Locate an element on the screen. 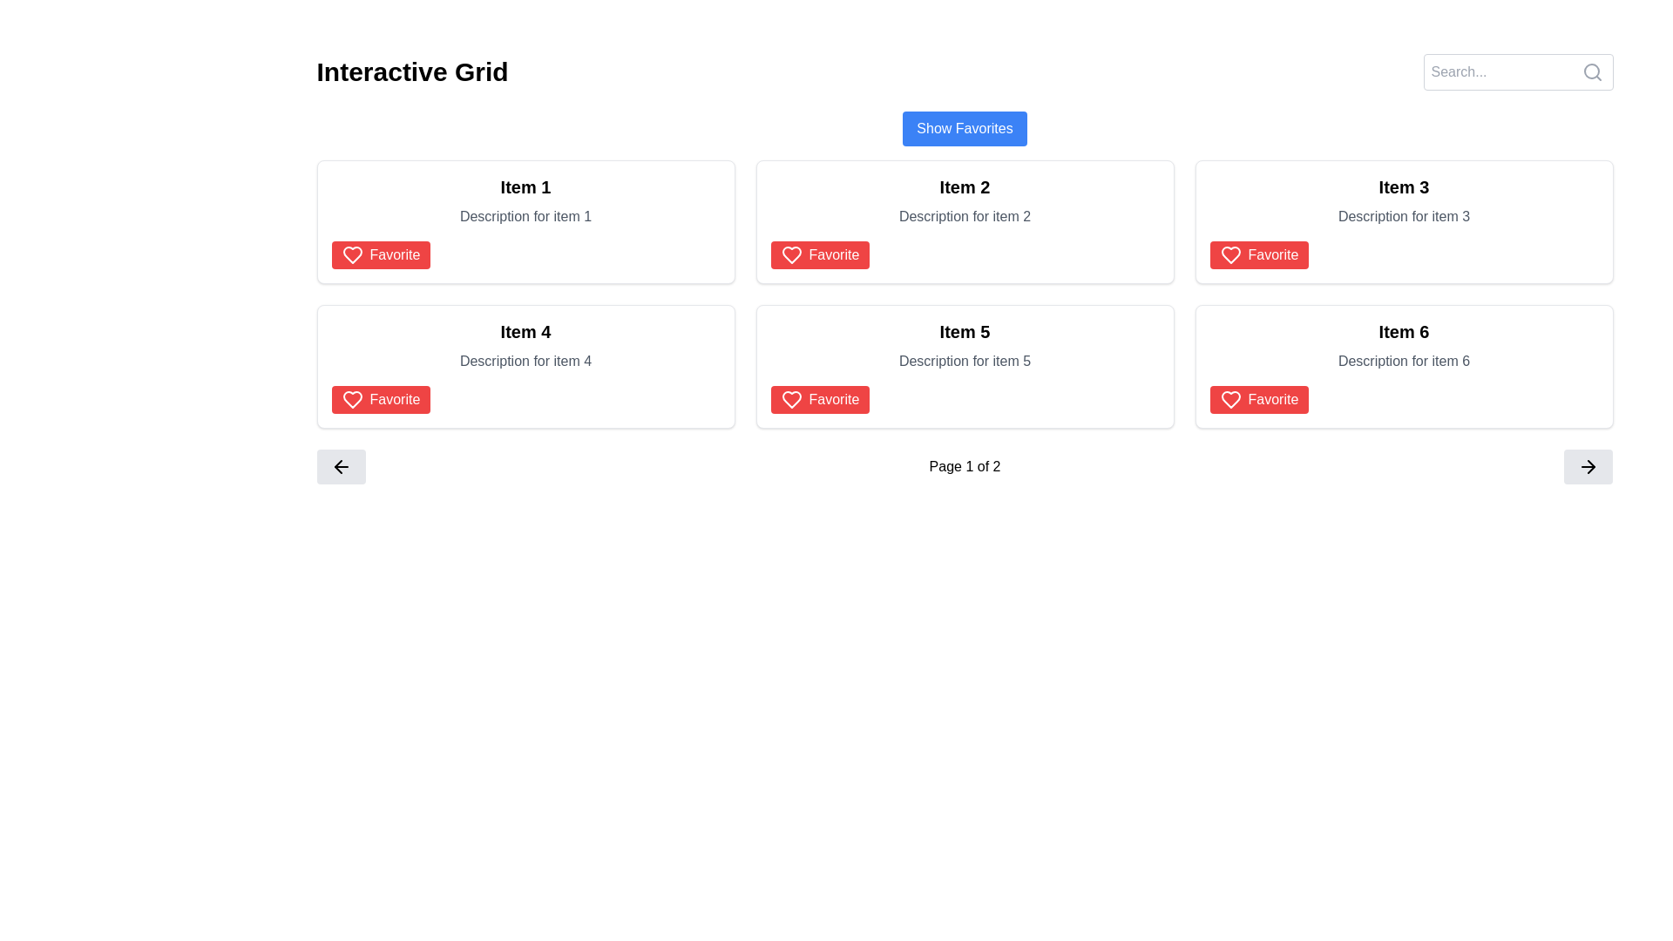 The width and height of the screenshot is (1673, 941). the left-pointing arrow icon with a black outline located within a small rounded rectangular button at the bottom left corner of the layout to potentially display a tooltip is located at coordinates (341, 466).